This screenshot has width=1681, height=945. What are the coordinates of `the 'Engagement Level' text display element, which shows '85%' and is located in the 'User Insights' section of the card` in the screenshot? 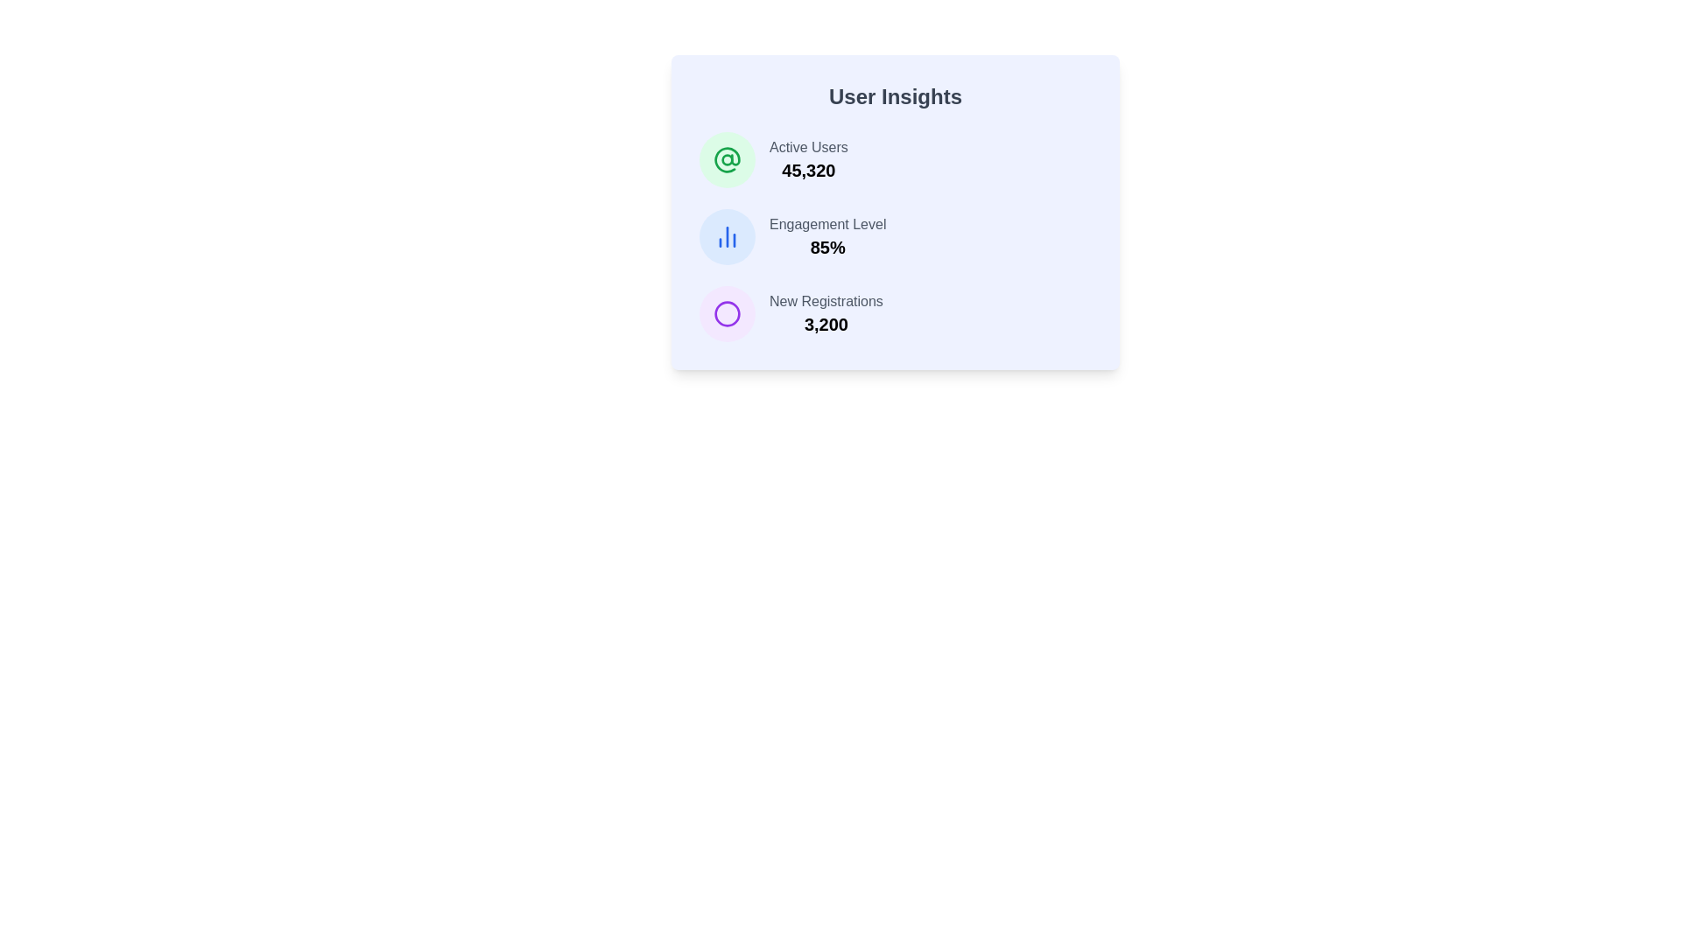 It's located at (826, 236).